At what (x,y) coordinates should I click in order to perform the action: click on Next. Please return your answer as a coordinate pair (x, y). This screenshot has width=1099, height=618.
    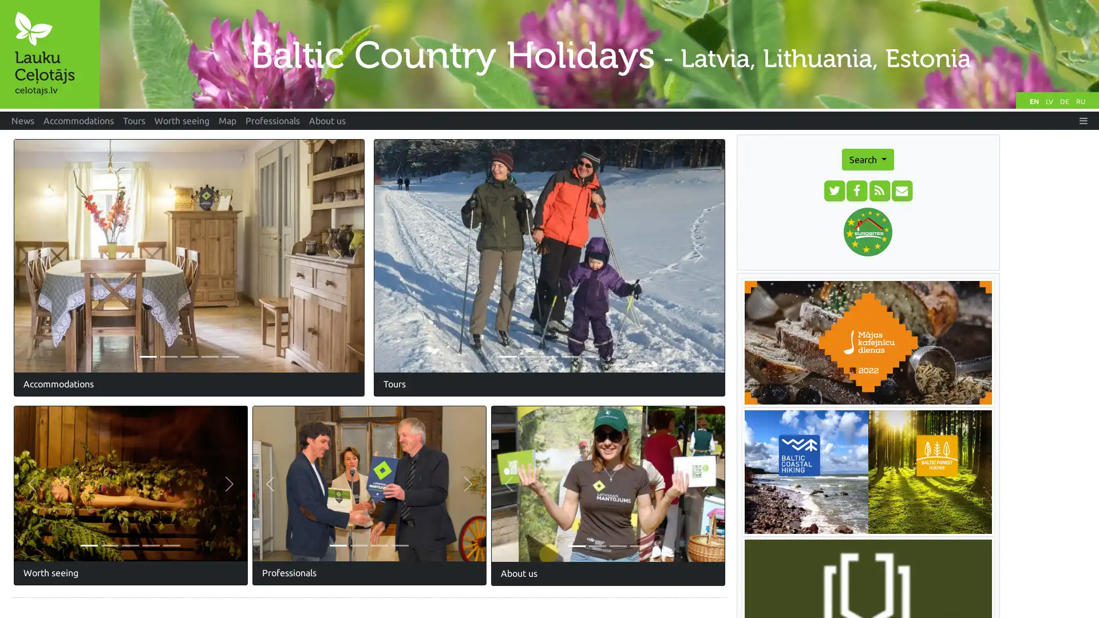
    Looking at the image, I should click on (468, 484).